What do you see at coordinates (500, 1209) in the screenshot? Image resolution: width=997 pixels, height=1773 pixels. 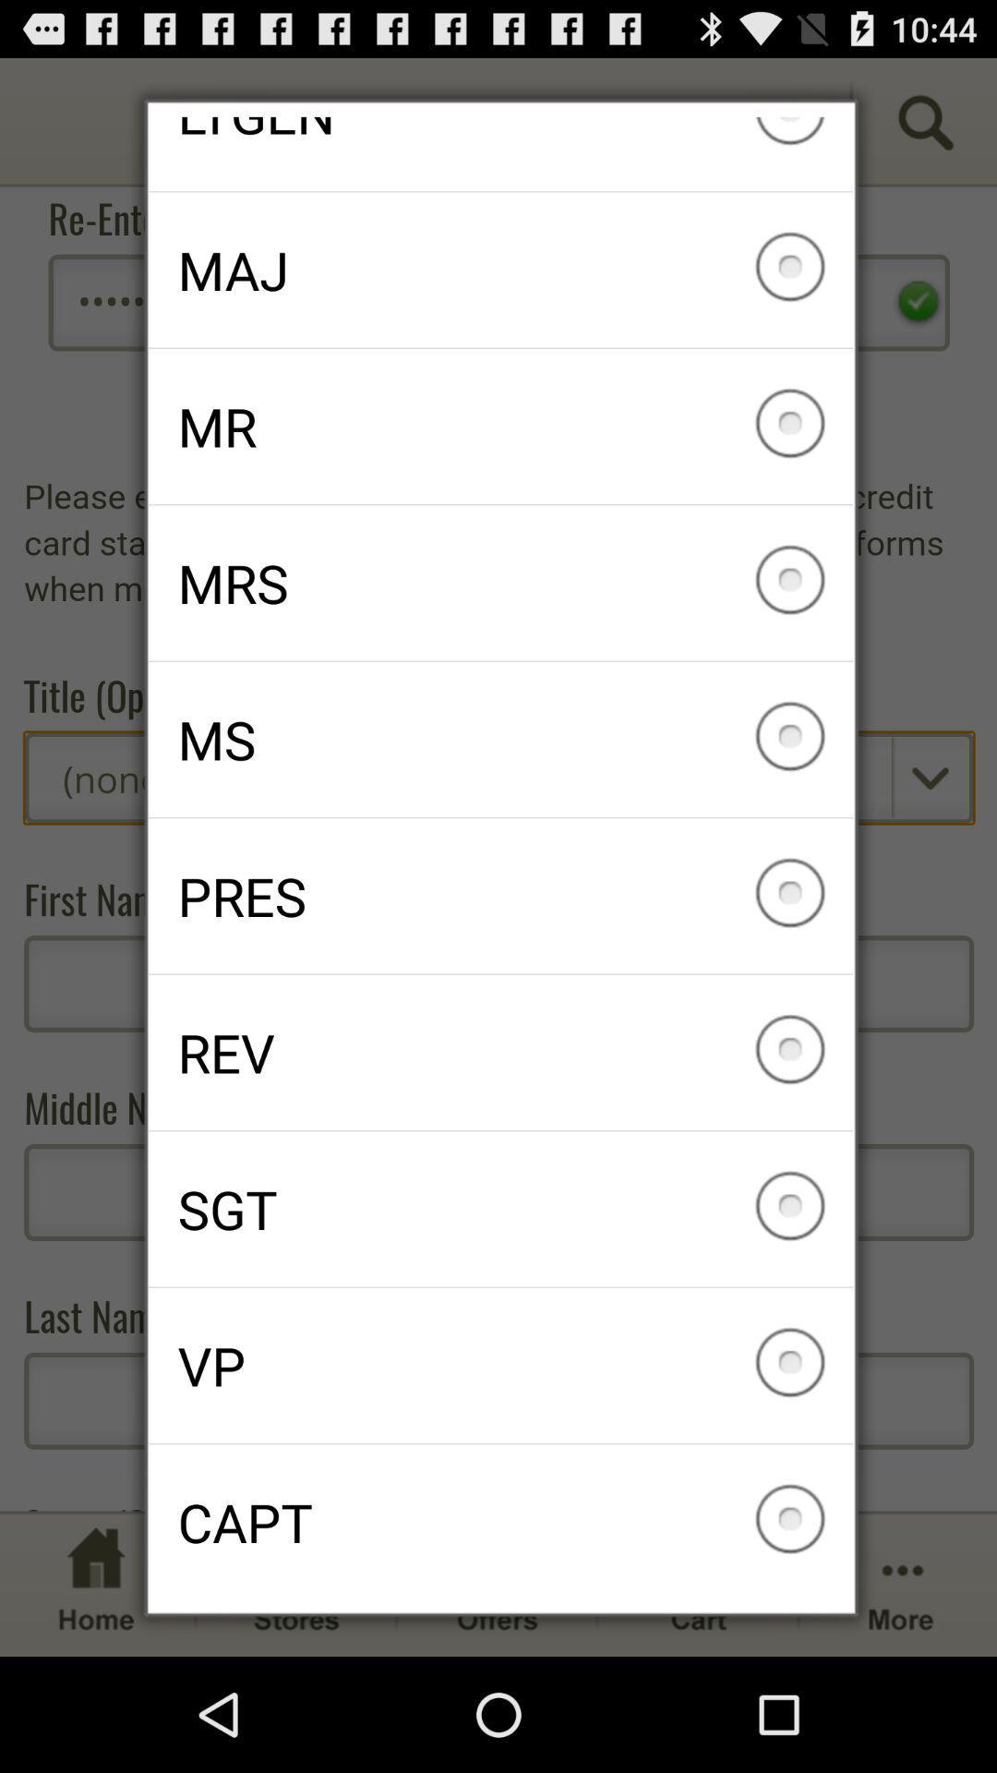 I see `the item below the rev checkbox` at bounding box center [500, 1209].